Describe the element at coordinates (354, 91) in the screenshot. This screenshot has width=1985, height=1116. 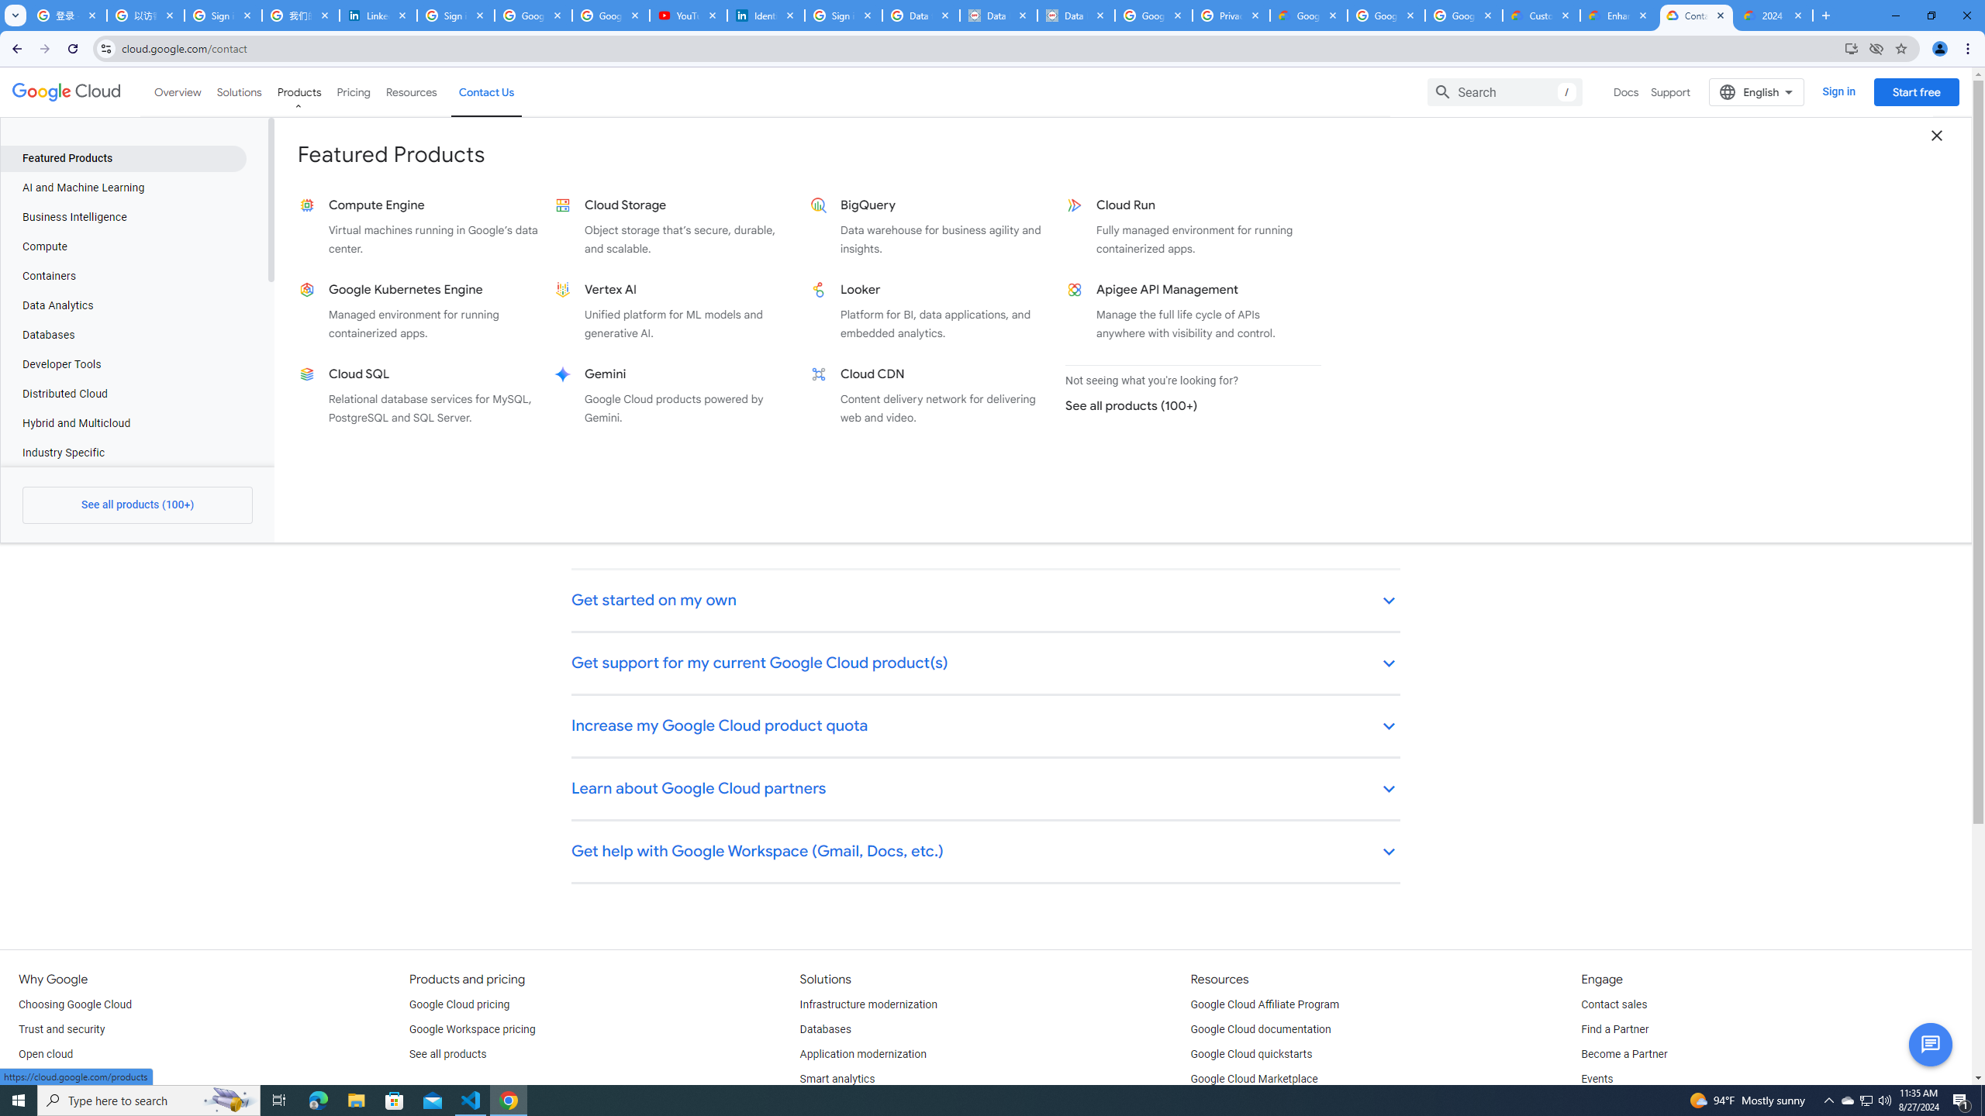
I see `'Pricing'` at that location.